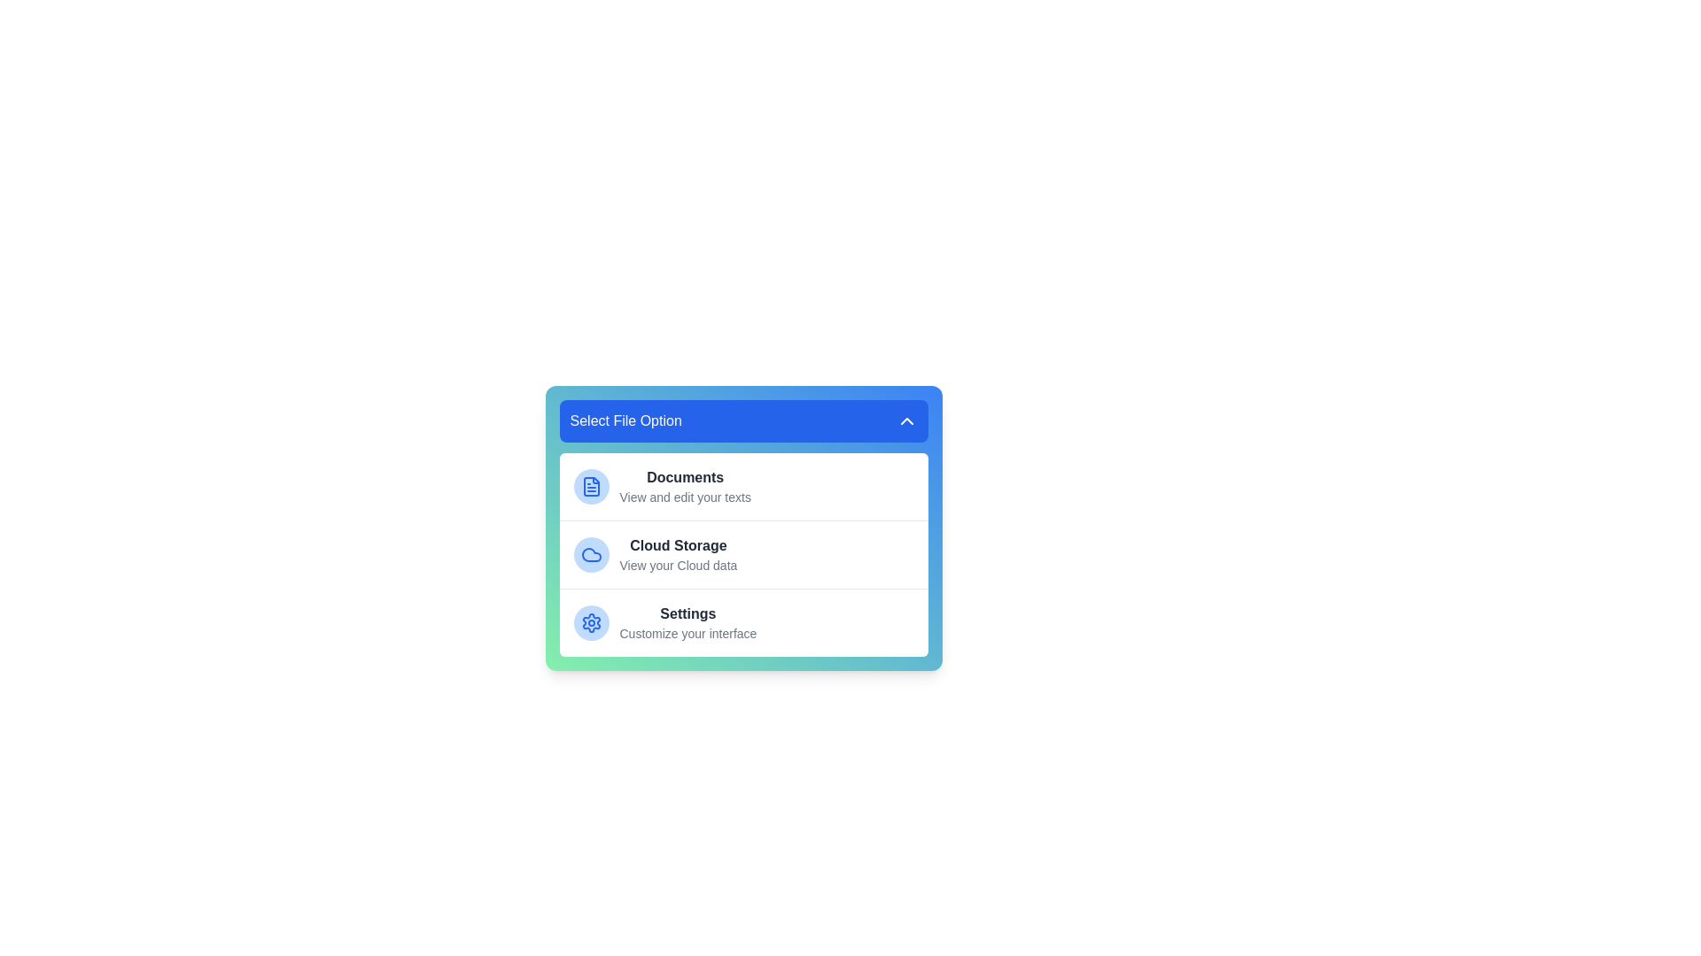  What do you see at coordinates (743, 621) in the screenshot?
I see `the rectangular 'Settings' button, which has a blue settings icon and bold black text` at bounding box center [743, 621].